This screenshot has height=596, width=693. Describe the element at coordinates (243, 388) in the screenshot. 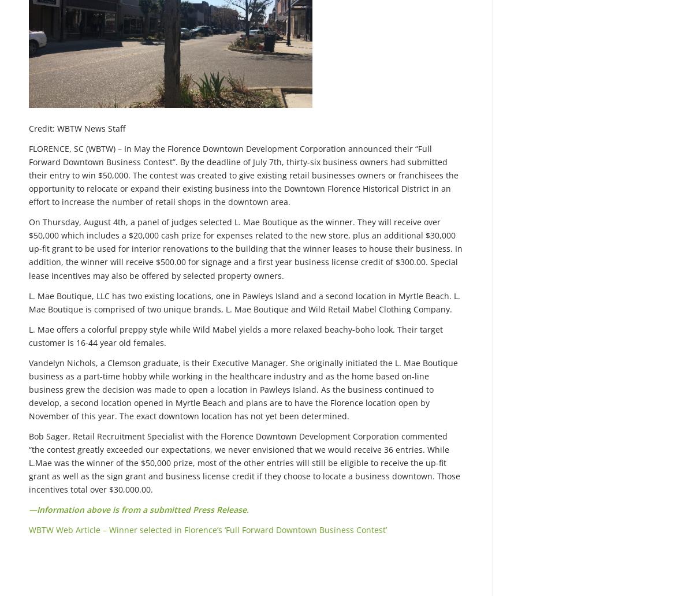

I see `'Vandelyn Nichols, a Clemson graduate, is their Executive Manager. She originally initiated the L. Mae Boutique business as a part-time hobby while working in the healthcare industry and as the home based on-line business grew the decision was made to open a location in Pawleys Island. As the business continued to develop, a second location opened in Myrtle Beach and plans are to have the Florence location open by November of this year. The exact downtown location has not yet been determined.'` at that location.